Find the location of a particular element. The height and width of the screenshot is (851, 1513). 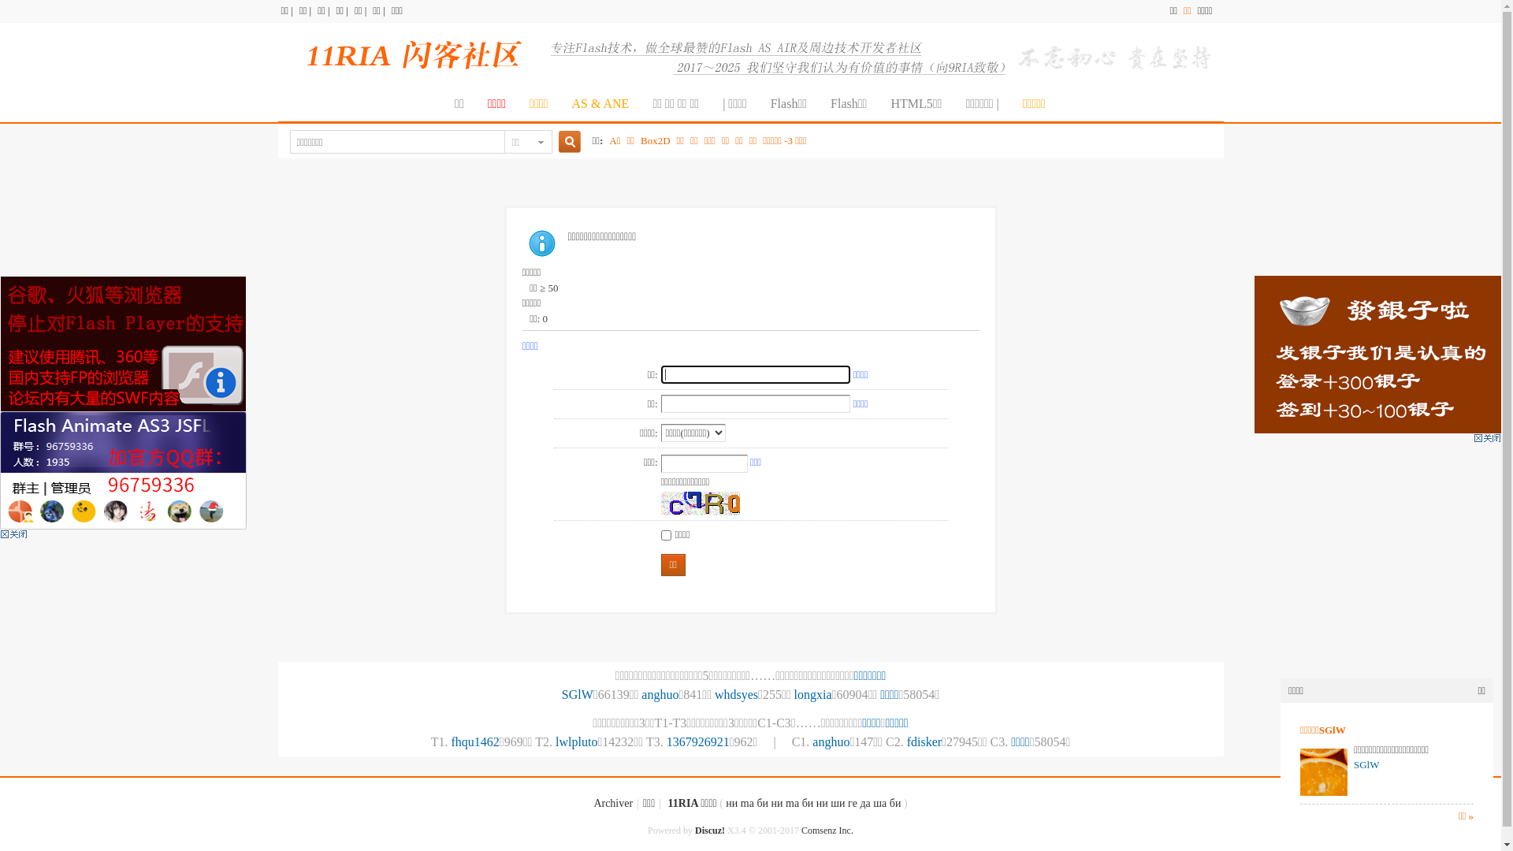

'Comsenz Inc.' is located at coordinates (827, 829).